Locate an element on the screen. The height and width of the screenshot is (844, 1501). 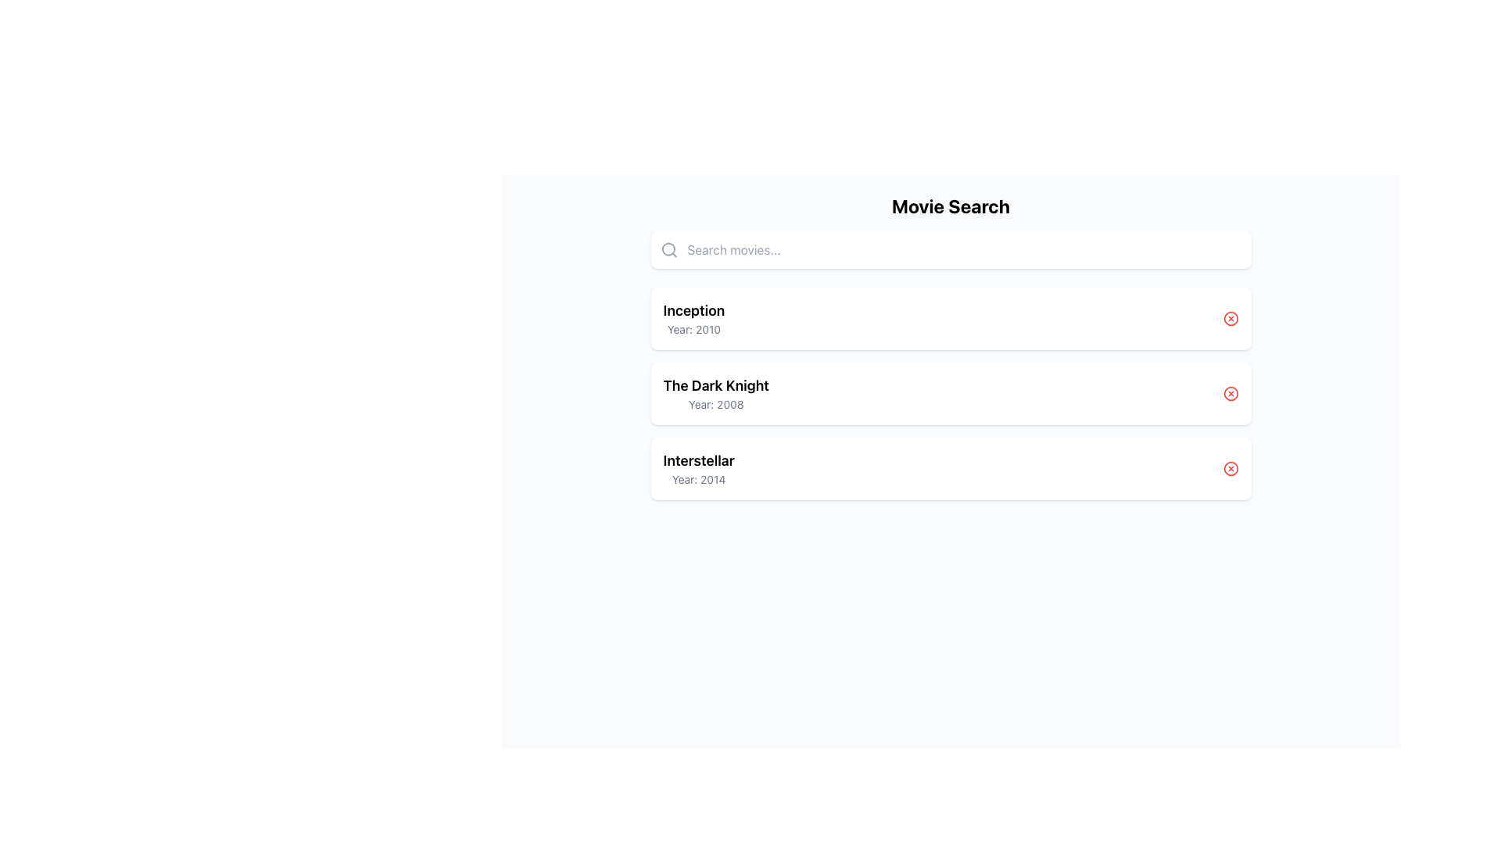
the Information Display element that shows 'Inception' in bold larger text and 'Year: 2010' in smaller gray font, located at the top of the vertical list of movie entries is located at coordinates (693, 318).